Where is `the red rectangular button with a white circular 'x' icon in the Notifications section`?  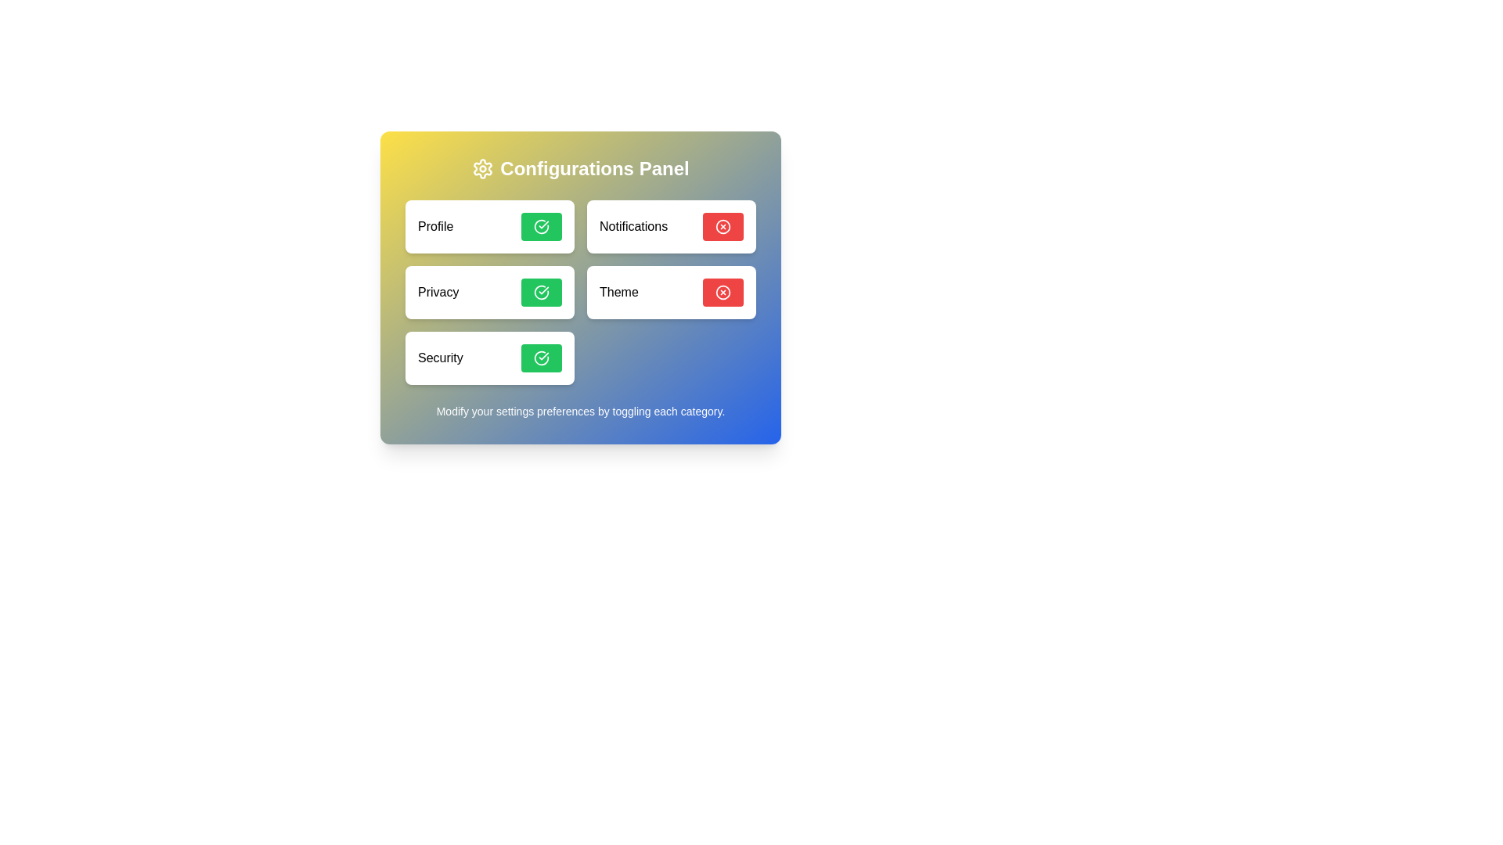
the red rectangular button with a white circular 'x' icon in the Notifications section is located at coordinates (723, 226).